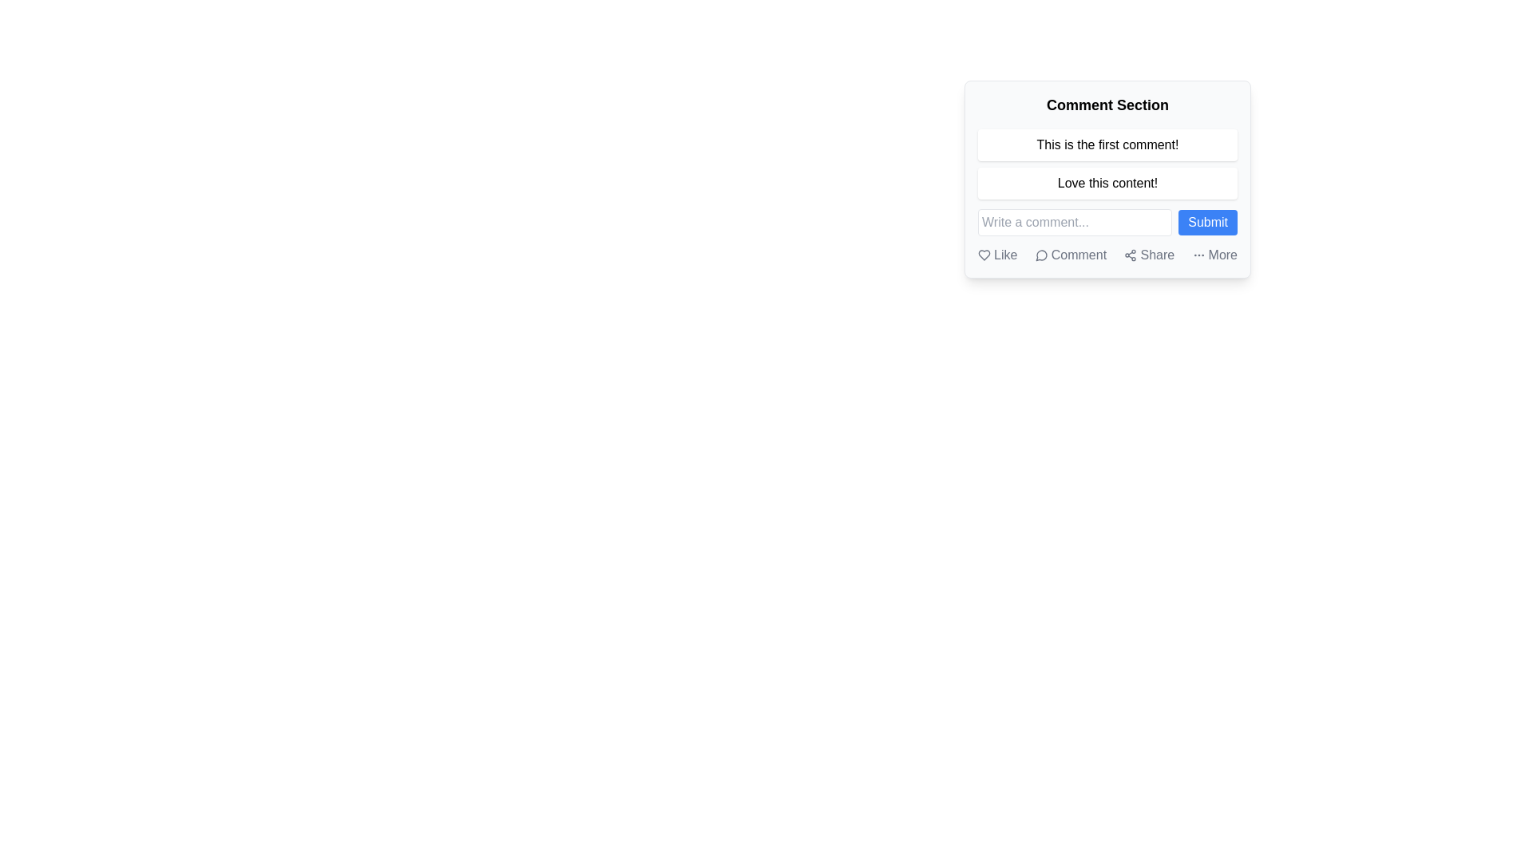 The image size is (1533, 862). What do you see at coordinates (1148, 255) in the screenshot?
I see `the 'Share' button located at the bottom of the panel, which features a share icon on the left and the text 'Share' on the right, to initiate sharing` at bounding box center [1148, 255].